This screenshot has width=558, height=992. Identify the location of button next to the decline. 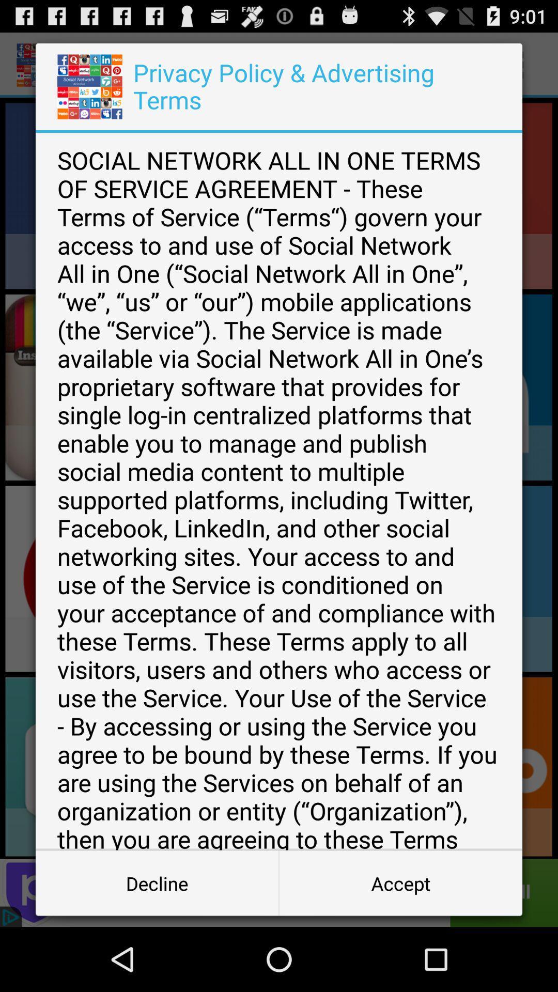
(400, 882).